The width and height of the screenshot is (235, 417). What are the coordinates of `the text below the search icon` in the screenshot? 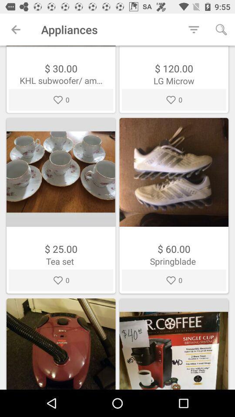 It's located at (174, 80).